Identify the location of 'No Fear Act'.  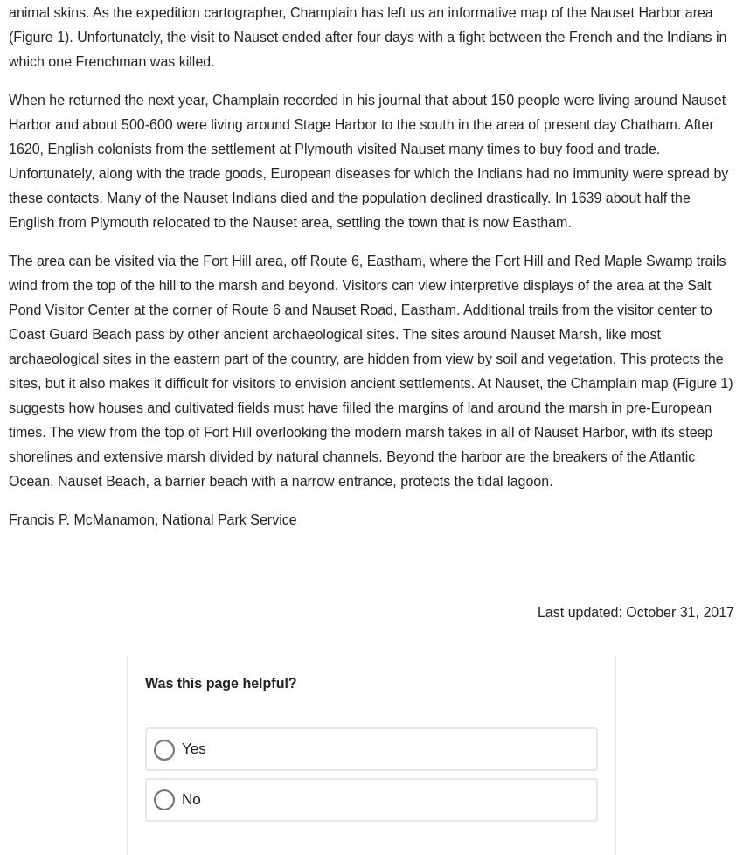
(104, 811).